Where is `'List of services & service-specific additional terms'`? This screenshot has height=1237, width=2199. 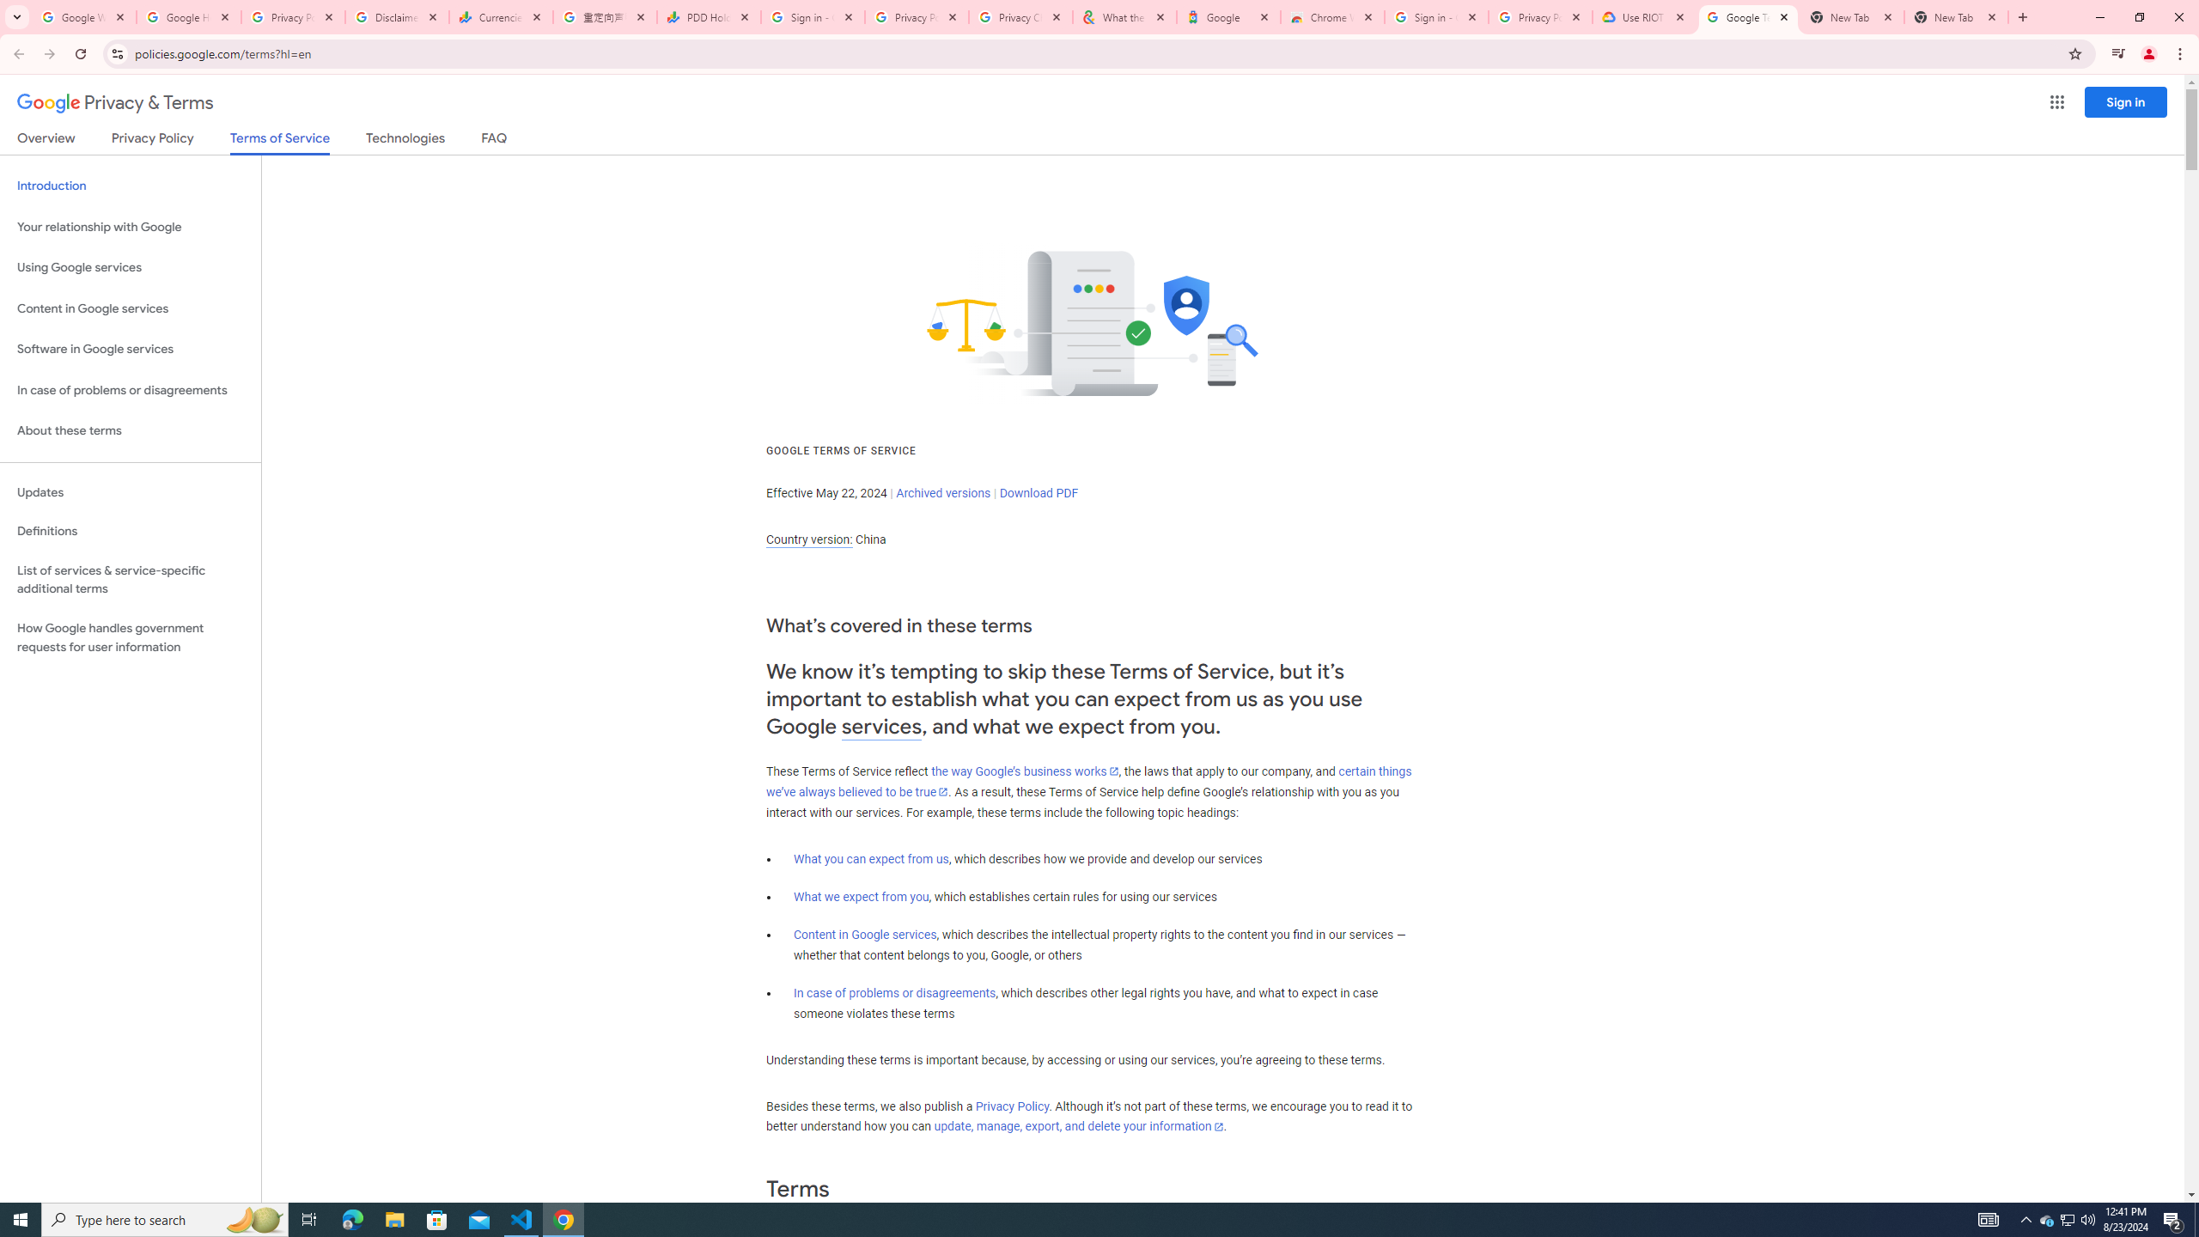 'List of services & service-specific additional terms' is located at coordinates (130, 579).